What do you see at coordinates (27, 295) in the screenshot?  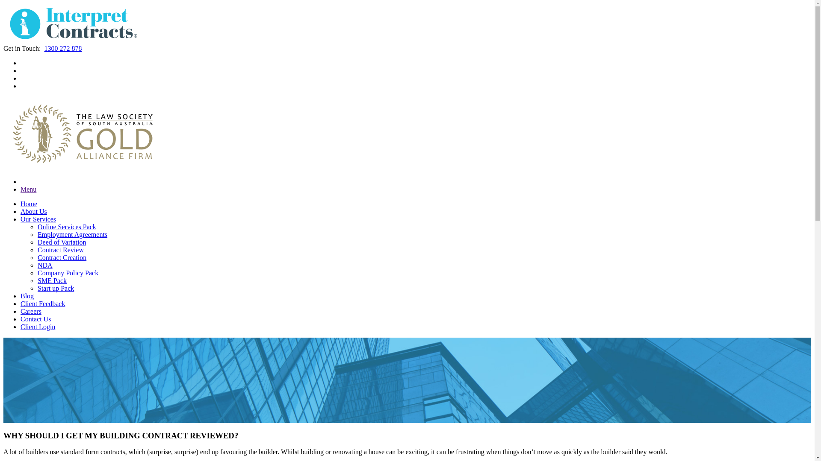 I see `'Blog'` at bounding box center [27, 295].